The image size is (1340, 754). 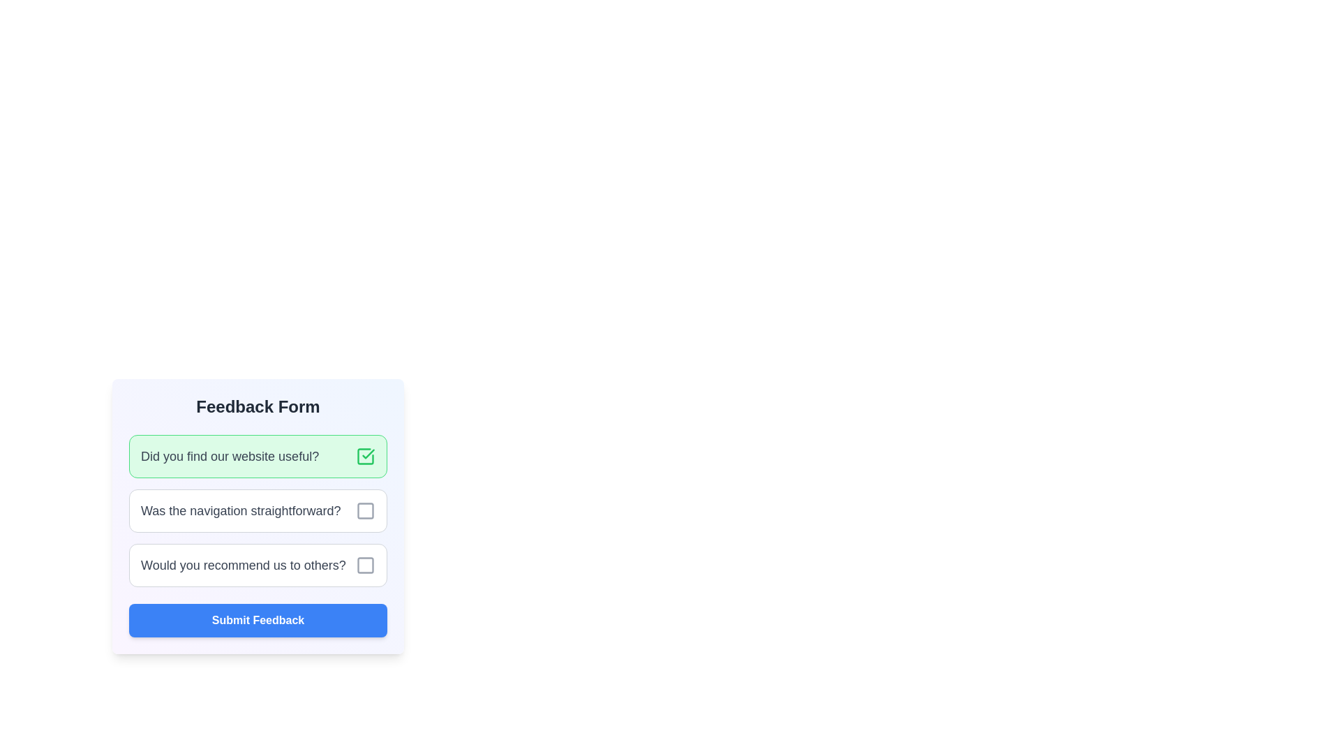 What do you see at coordinates (258, 457) in the screenshot?
I see `the feedback question Did you find our website useful? to view the hover effect` at bounding box center [258, 457].